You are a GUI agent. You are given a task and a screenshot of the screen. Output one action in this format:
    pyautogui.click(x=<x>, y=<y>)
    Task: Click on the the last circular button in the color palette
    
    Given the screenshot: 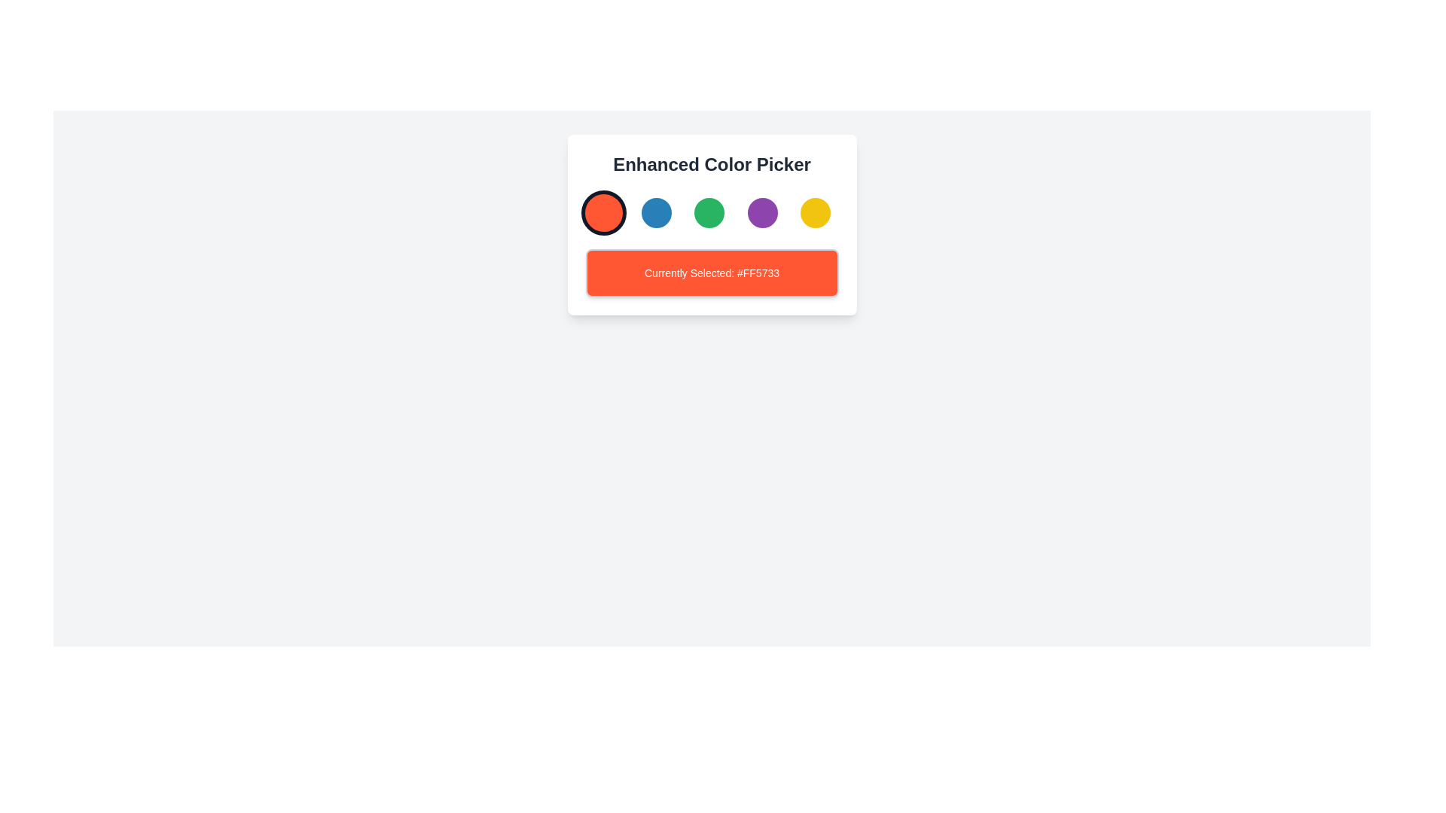 What is the action you would take?
    pyautogui.click(x=815, y=212)
    